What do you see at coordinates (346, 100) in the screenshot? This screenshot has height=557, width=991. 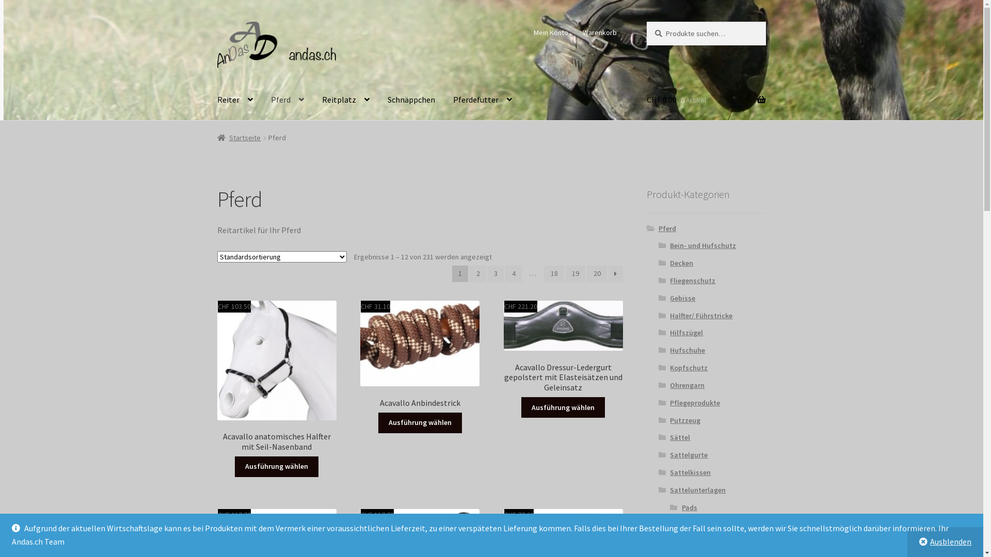 I see `'Reitplatz'` at bounding box center [346, 100].